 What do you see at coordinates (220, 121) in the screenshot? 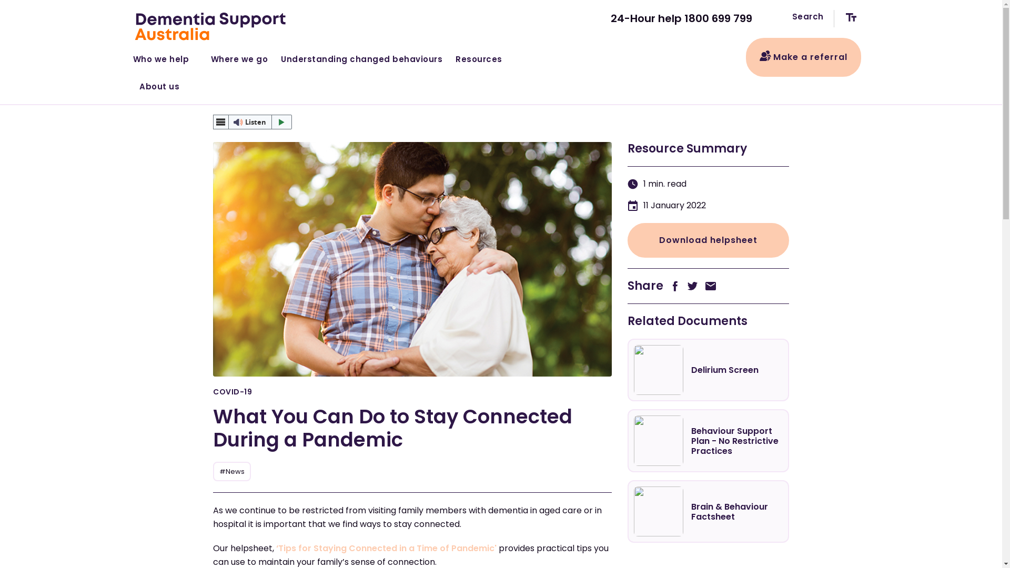
I see `'webReader menu'` at bounding box center [220, 121].